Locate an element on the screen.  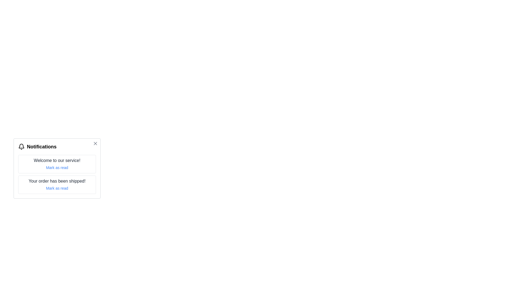
the Notification panel, which has a white background, rounded corners, and contains the title 'Notifications' and a bell icon is located at coordinates (57, 168).